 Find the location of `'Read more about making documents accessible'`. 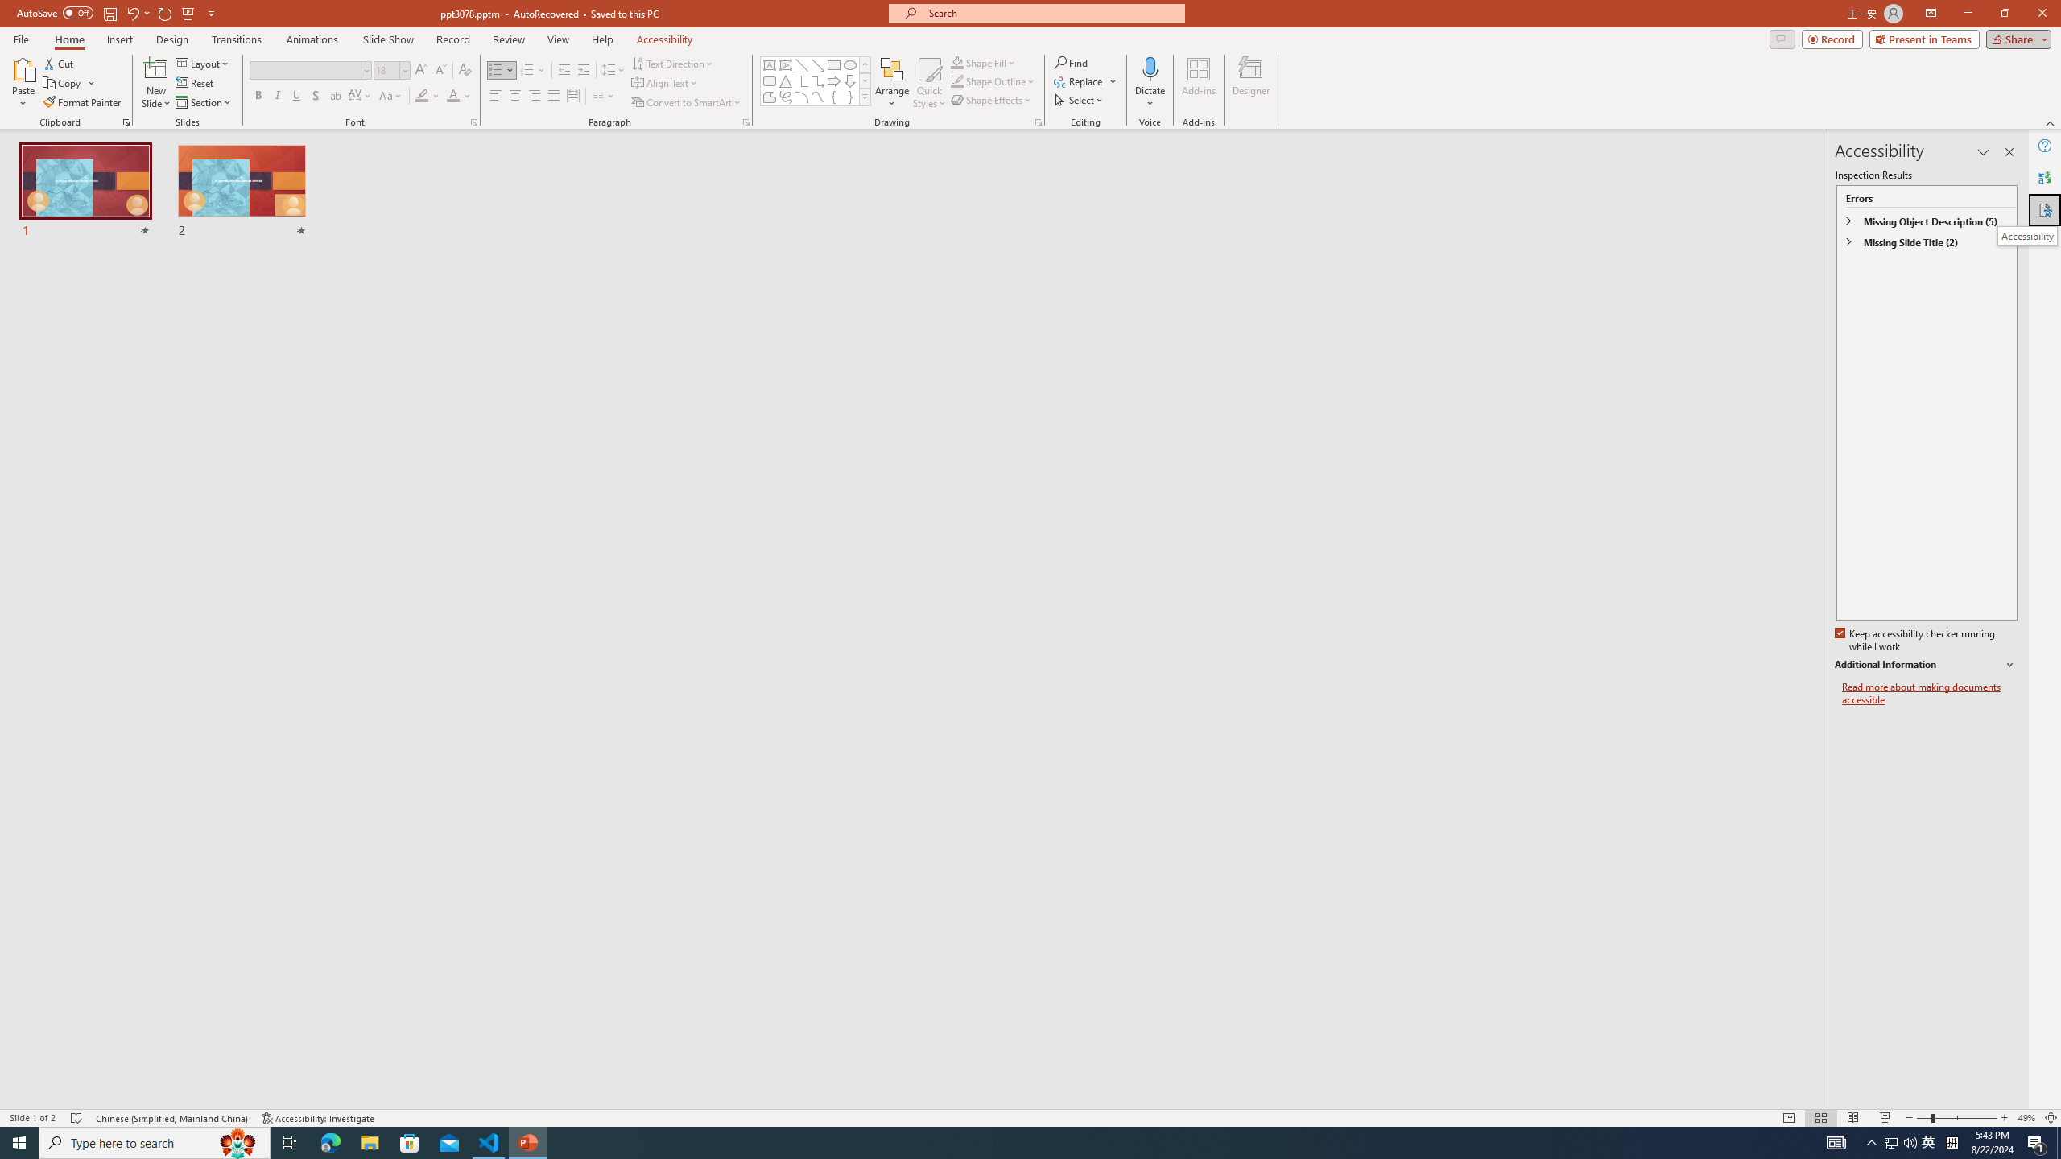

'Read more about making documents accessible' is located at coordinates (1929, 693).